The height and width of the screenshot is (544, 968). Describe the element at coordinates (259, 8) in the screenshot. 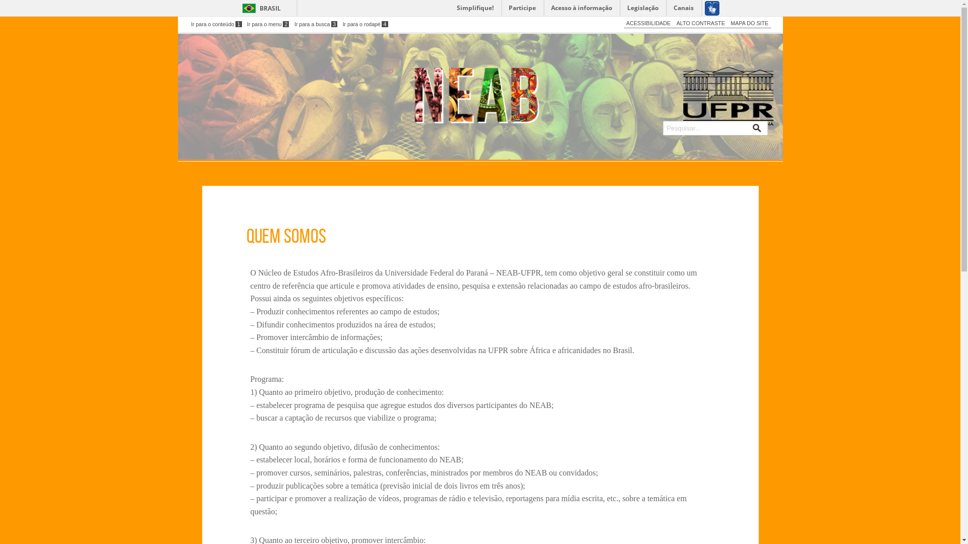

I see `'BRASIL'` at that location.